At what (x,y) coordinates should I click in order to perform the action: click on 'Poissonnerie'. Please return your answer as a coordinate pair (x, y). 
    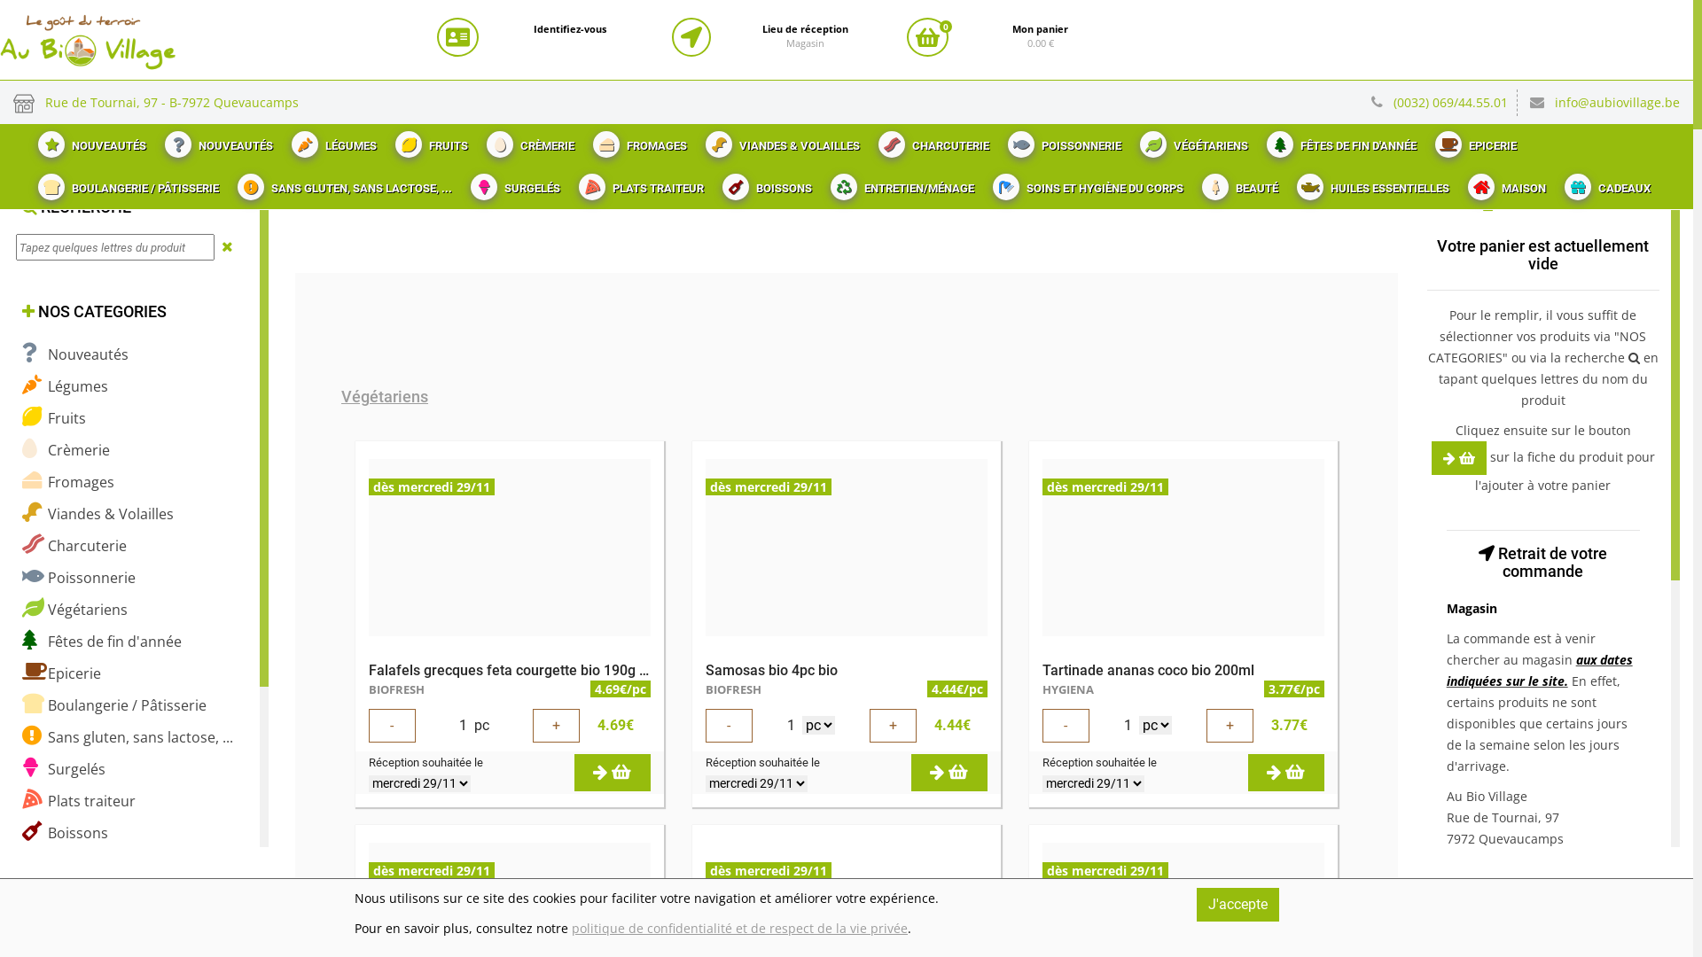
    Looking at the image, I should click on (21, 577).